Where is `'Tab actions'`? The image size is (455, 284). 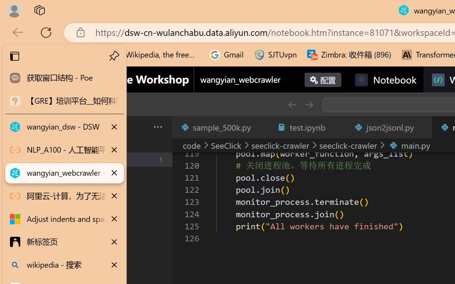
'Tab actions' is located at coordinates (422, 127).